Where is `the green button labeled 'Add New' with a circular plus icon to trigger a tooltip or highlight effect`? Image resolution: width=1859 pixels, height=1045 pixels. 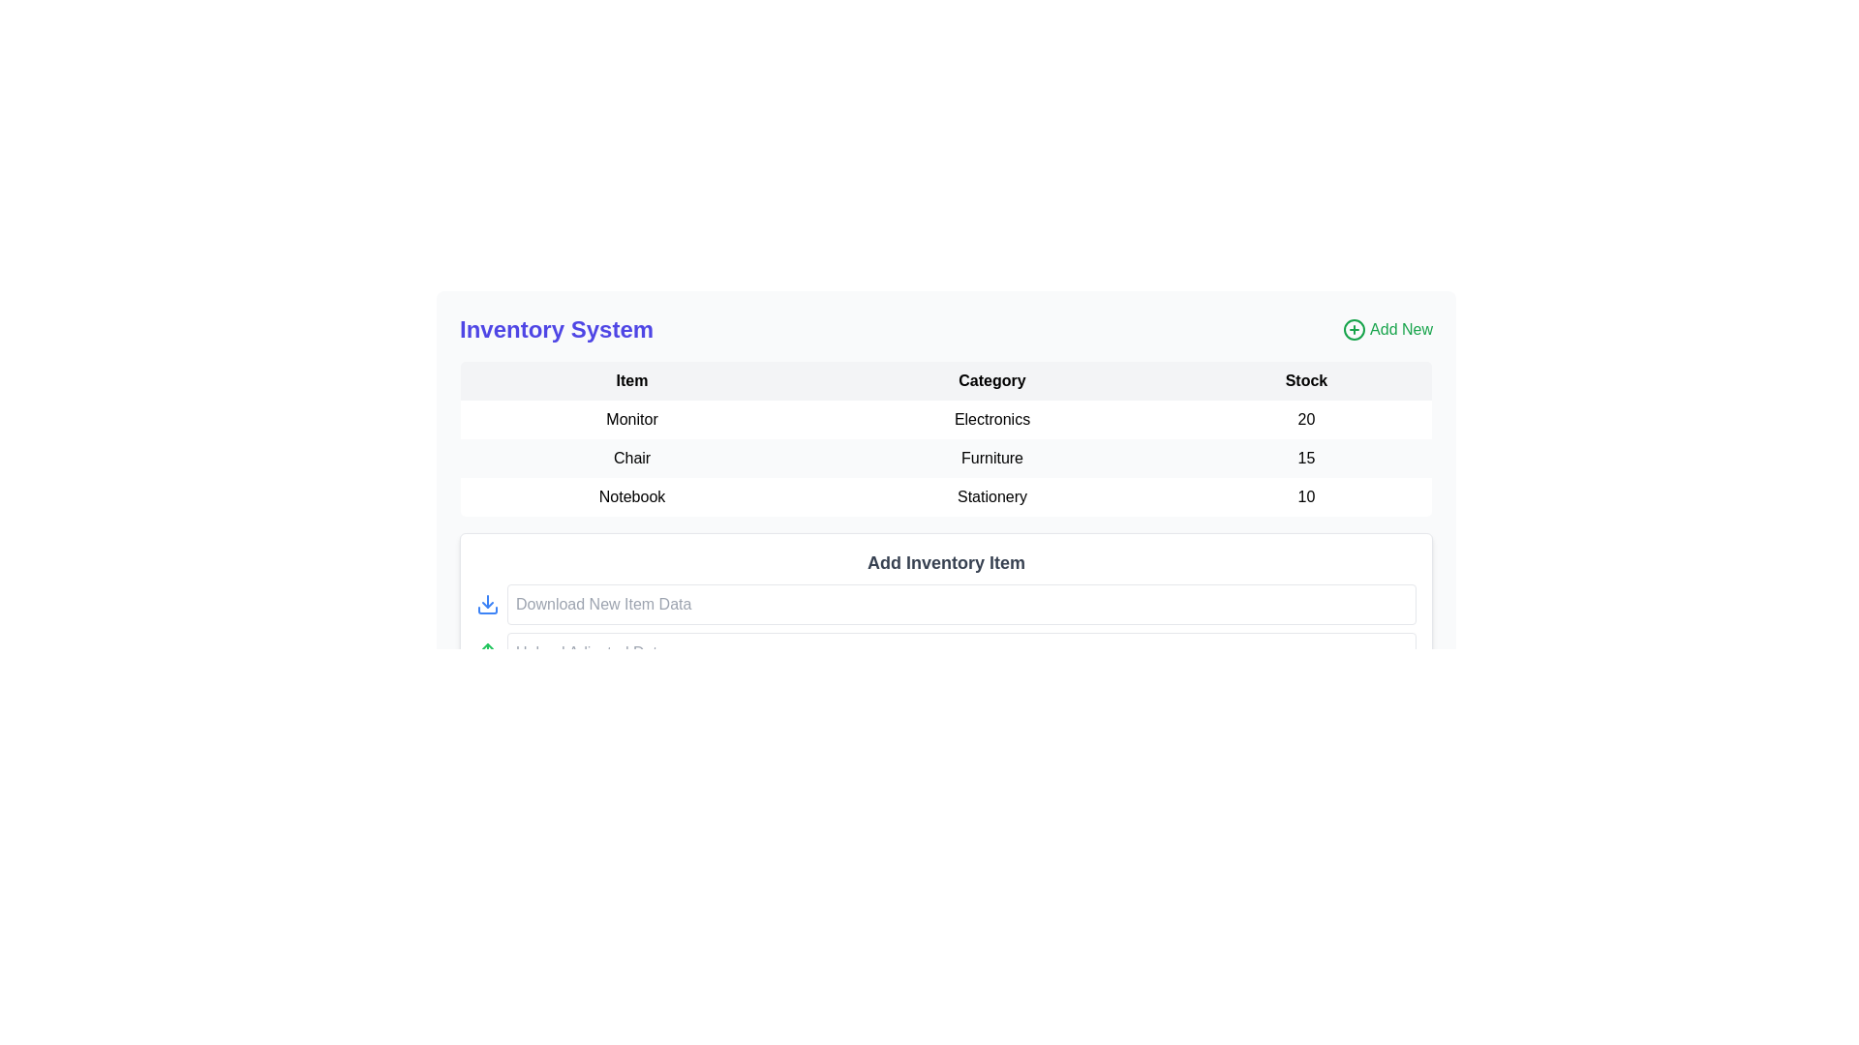 the green button labeled 'Add New' with a circular plus icon to trigger a tooltip or highlight effect is located at coordinates (1387, 328).